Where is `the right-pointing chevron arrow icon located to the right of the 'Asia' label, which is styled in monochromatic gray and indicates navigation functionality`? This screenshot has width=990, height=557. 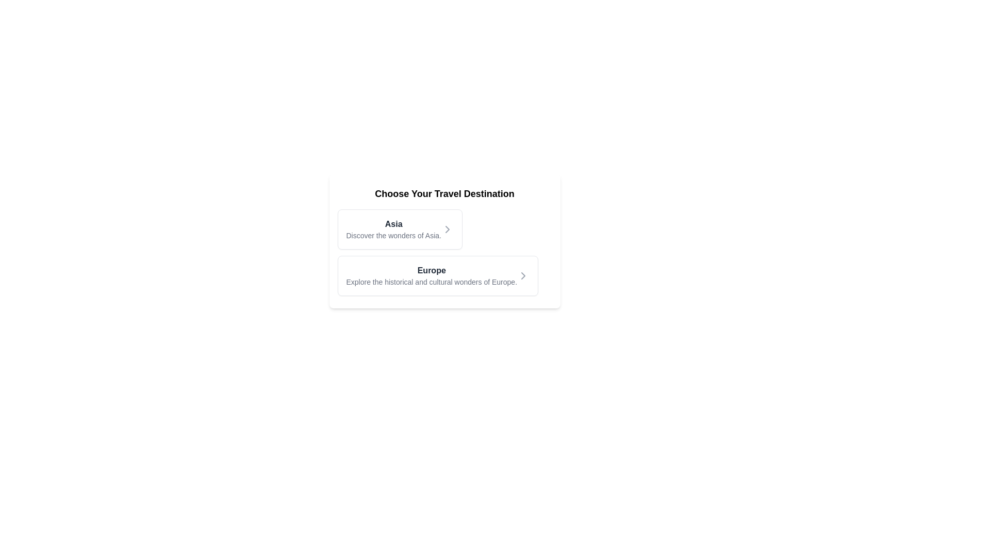
the right-pointing chevron arrow icon located to the right of the 'Asia' label, which is styled in monochromatic gray and indicates navigation functionality is located at coordinates (447, 228).